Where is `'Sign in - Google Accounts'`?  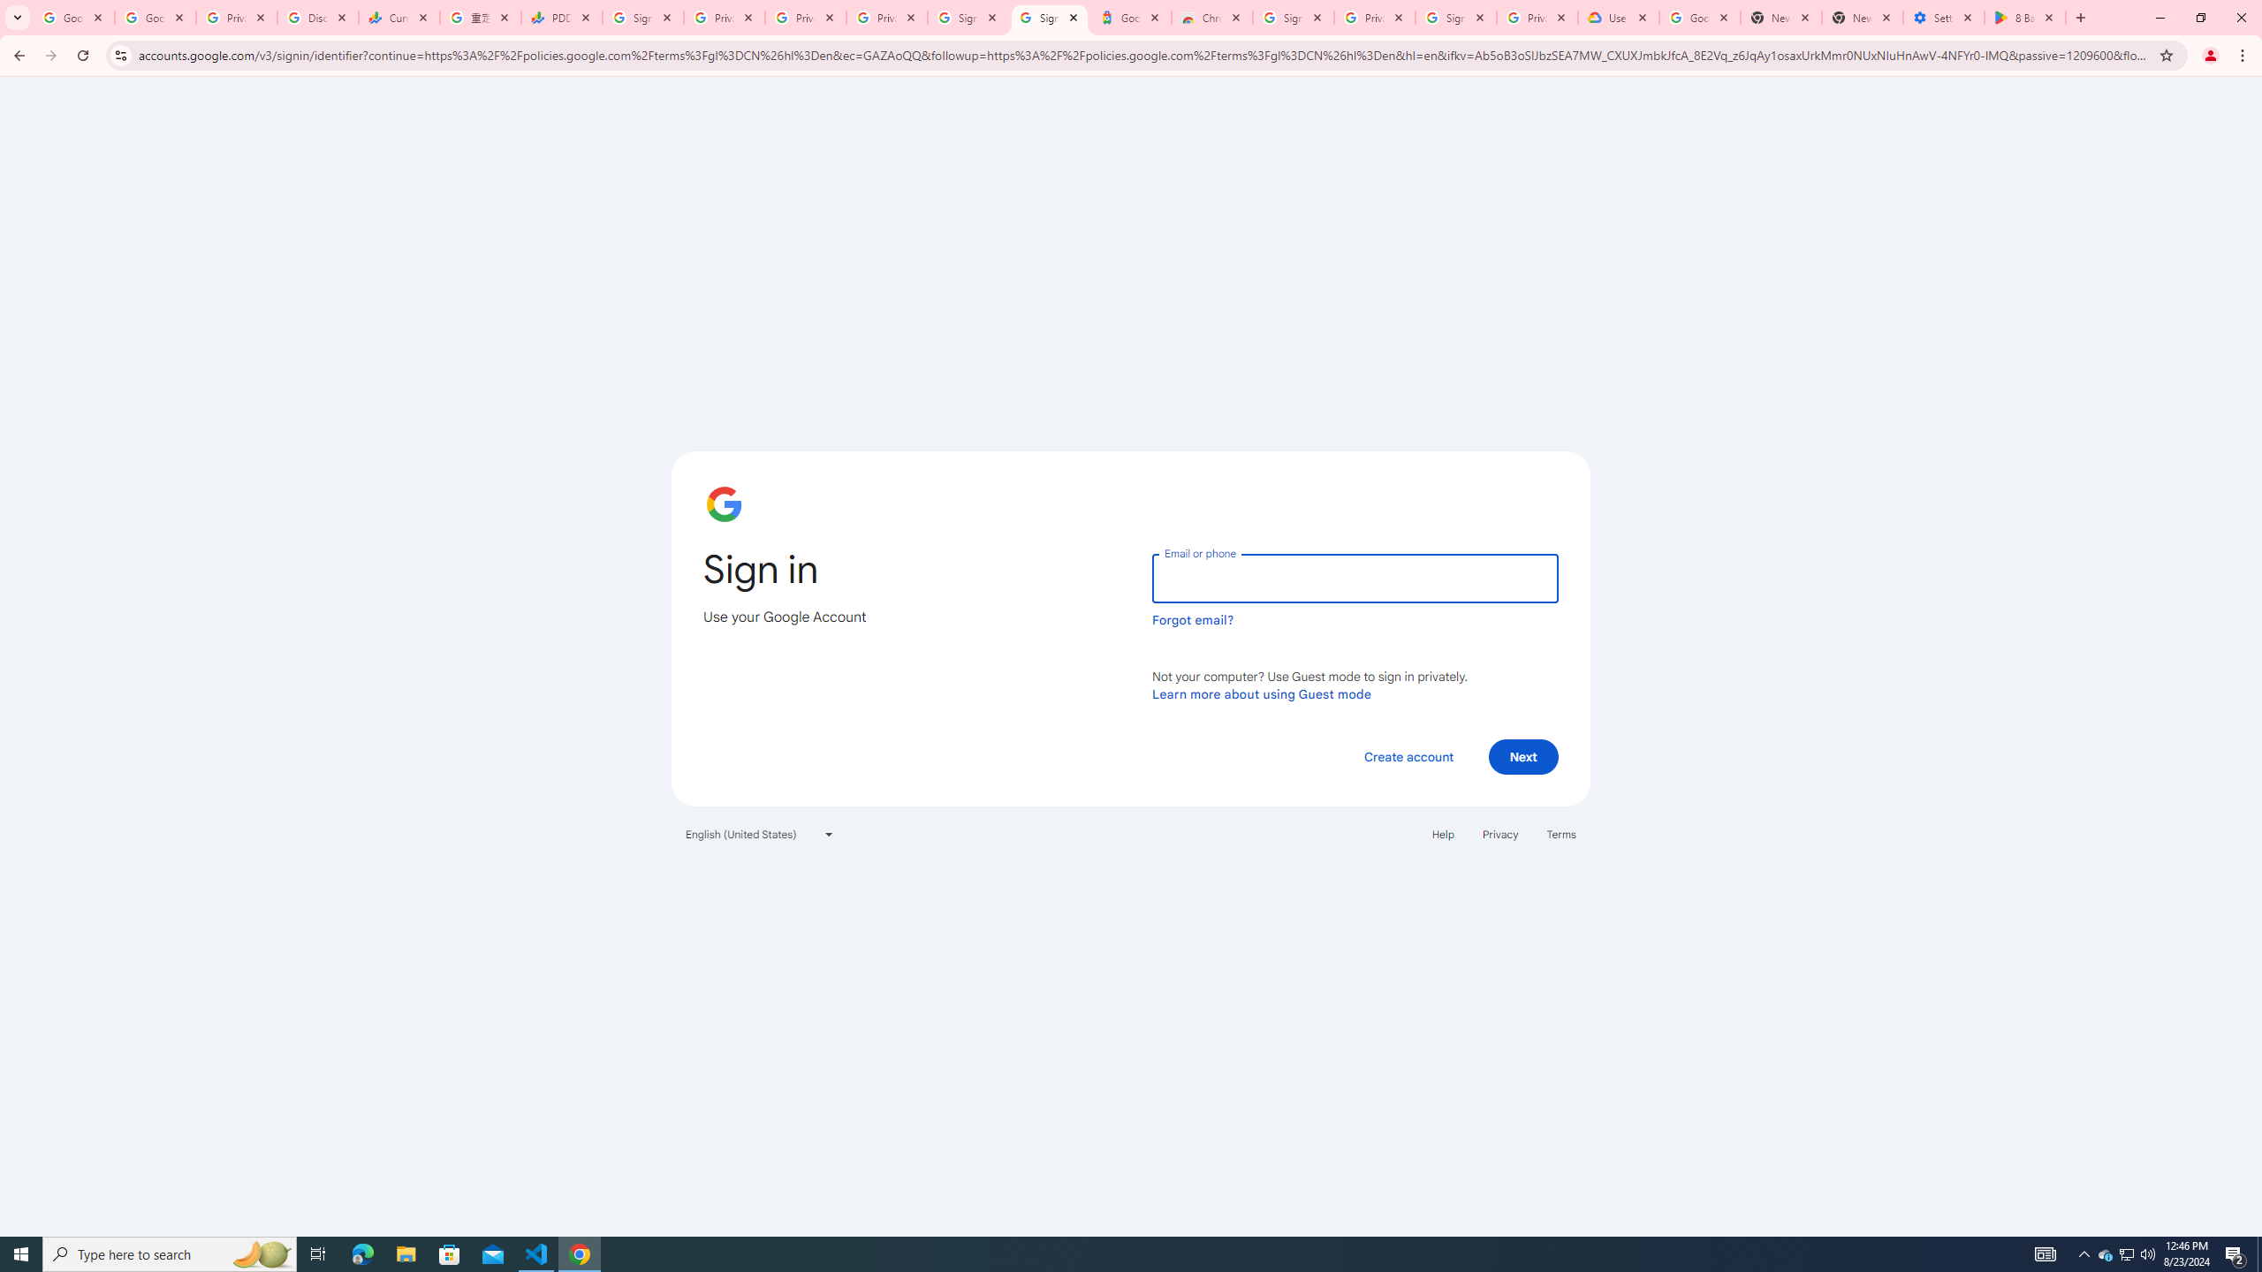
'Sign in - Google Accounts' is located at coordinates (968, 17).